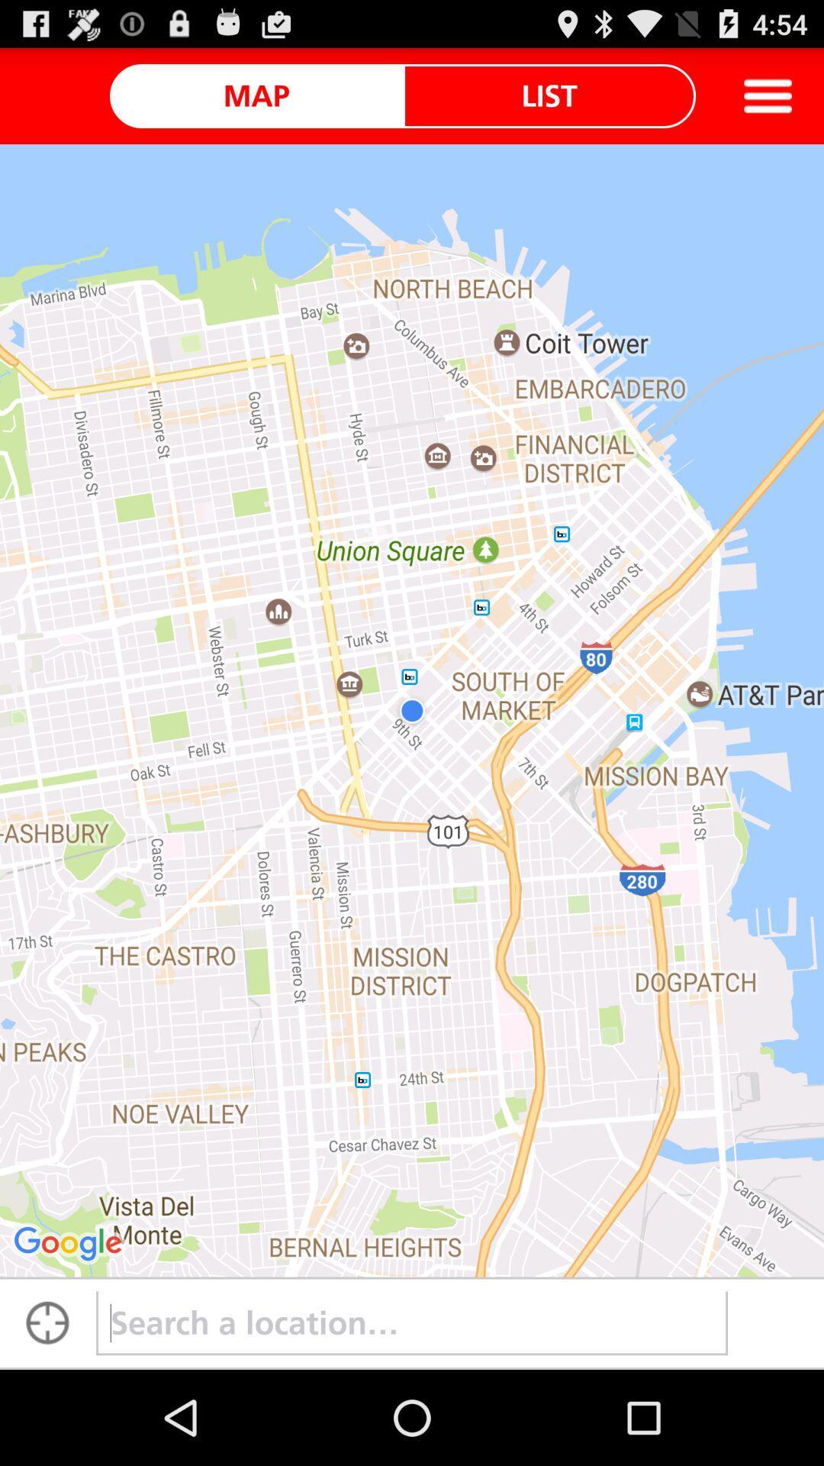 This screenshot has width=824, height=1466. What do you see at coordinates (549, 95) in the screenshot?
I see `list` at bounding box center [549, 95].